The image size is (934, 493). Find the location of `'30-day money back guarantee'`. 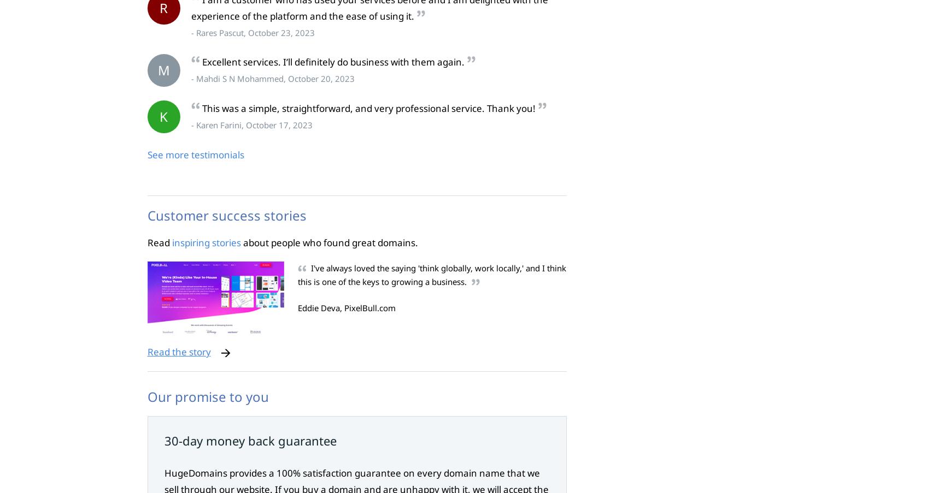

'30-day money back guarantee' is located at coordinates (163, 440).